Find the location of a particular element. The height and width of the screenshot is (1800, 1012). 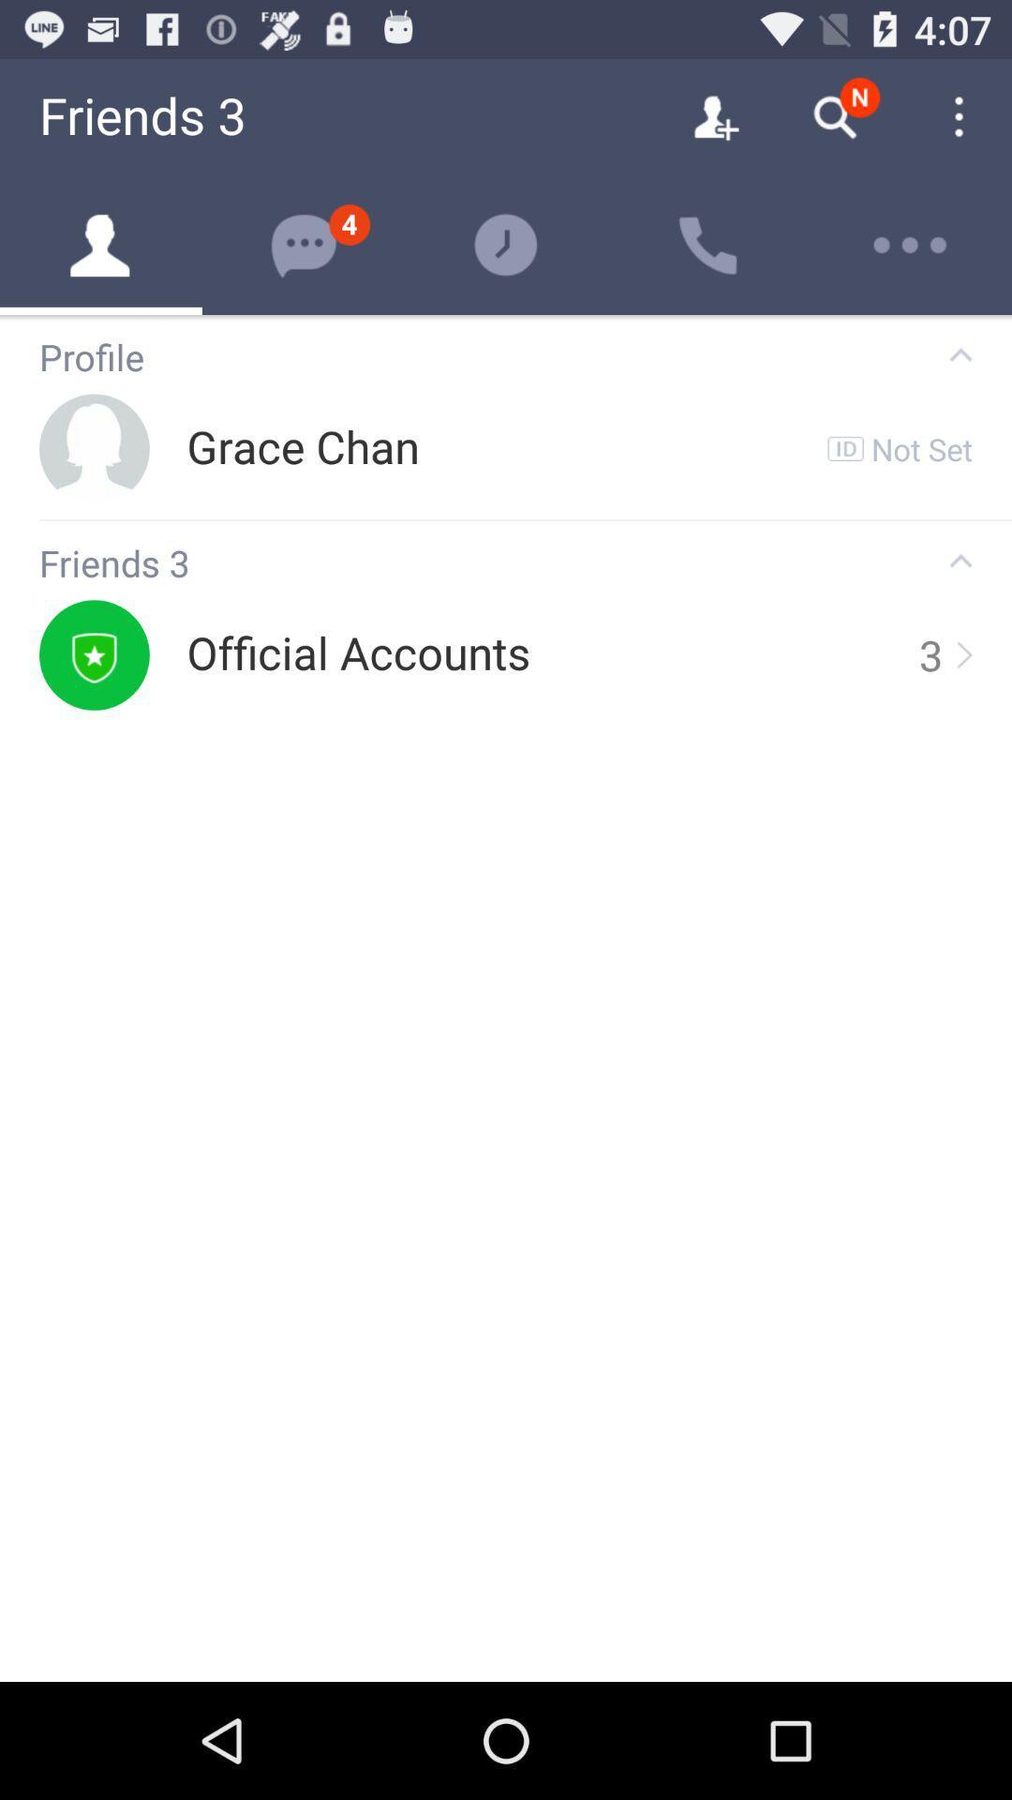

the not set is located at coordinates (920, 447).